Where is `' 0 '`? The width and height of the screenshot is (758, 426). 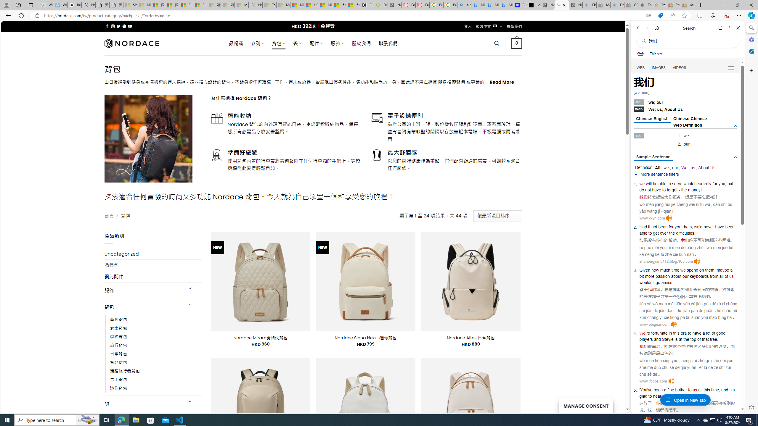 ' 0 ' is located at coordinates (516, 43).